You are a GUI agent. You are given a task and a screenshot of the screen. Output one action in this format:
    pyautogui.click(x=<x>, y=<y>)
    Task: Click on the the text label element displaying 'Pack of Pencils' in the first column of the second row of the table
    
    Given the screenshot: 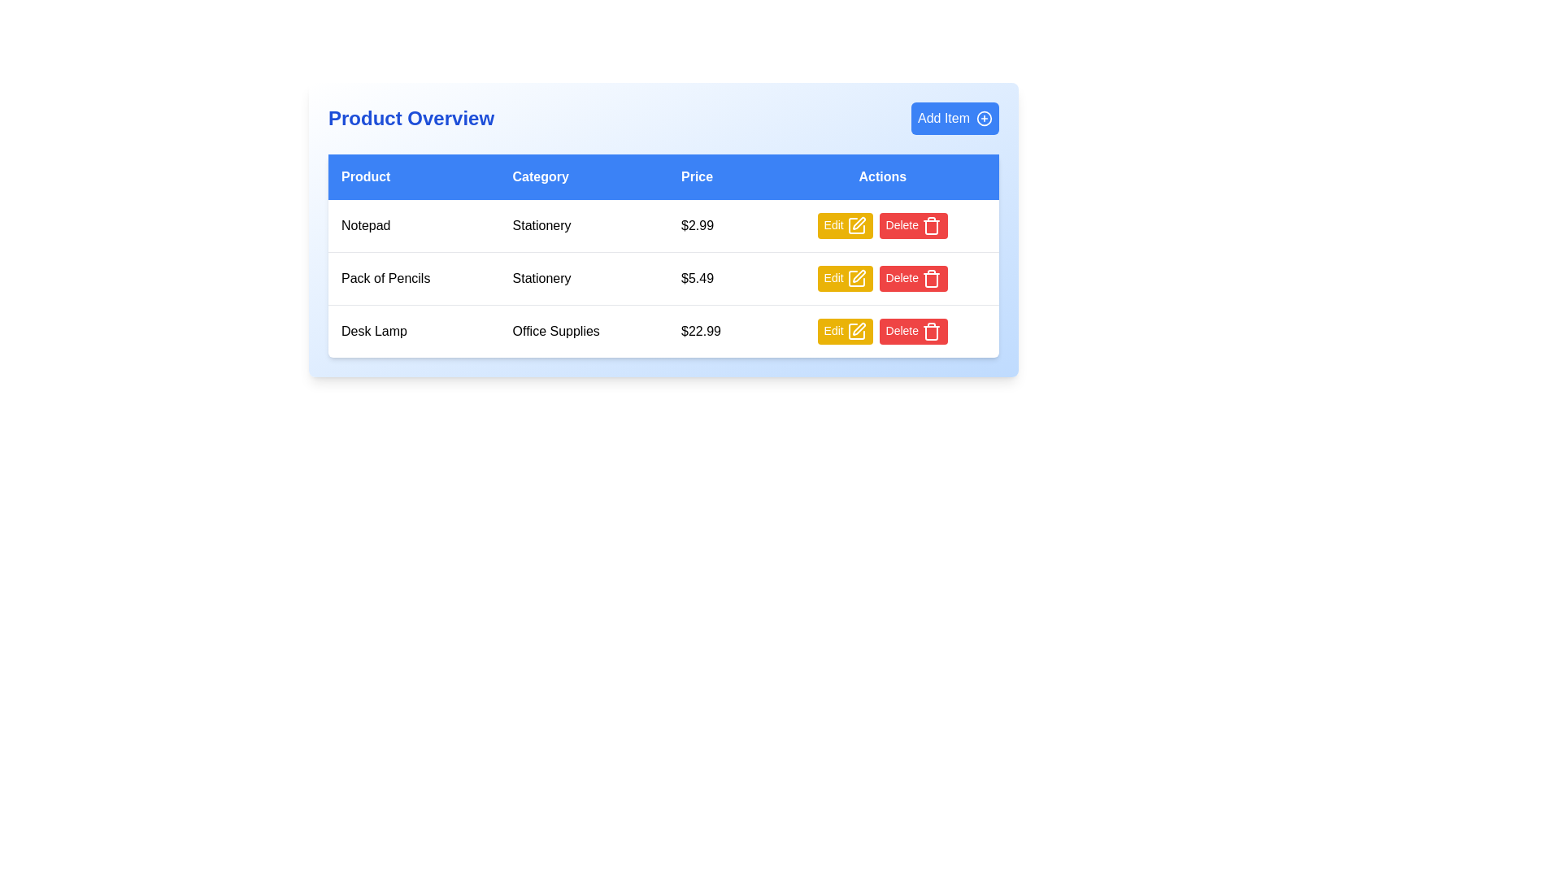 What is the action you would take?
    pyautogui.click(x=414, y=278)
    